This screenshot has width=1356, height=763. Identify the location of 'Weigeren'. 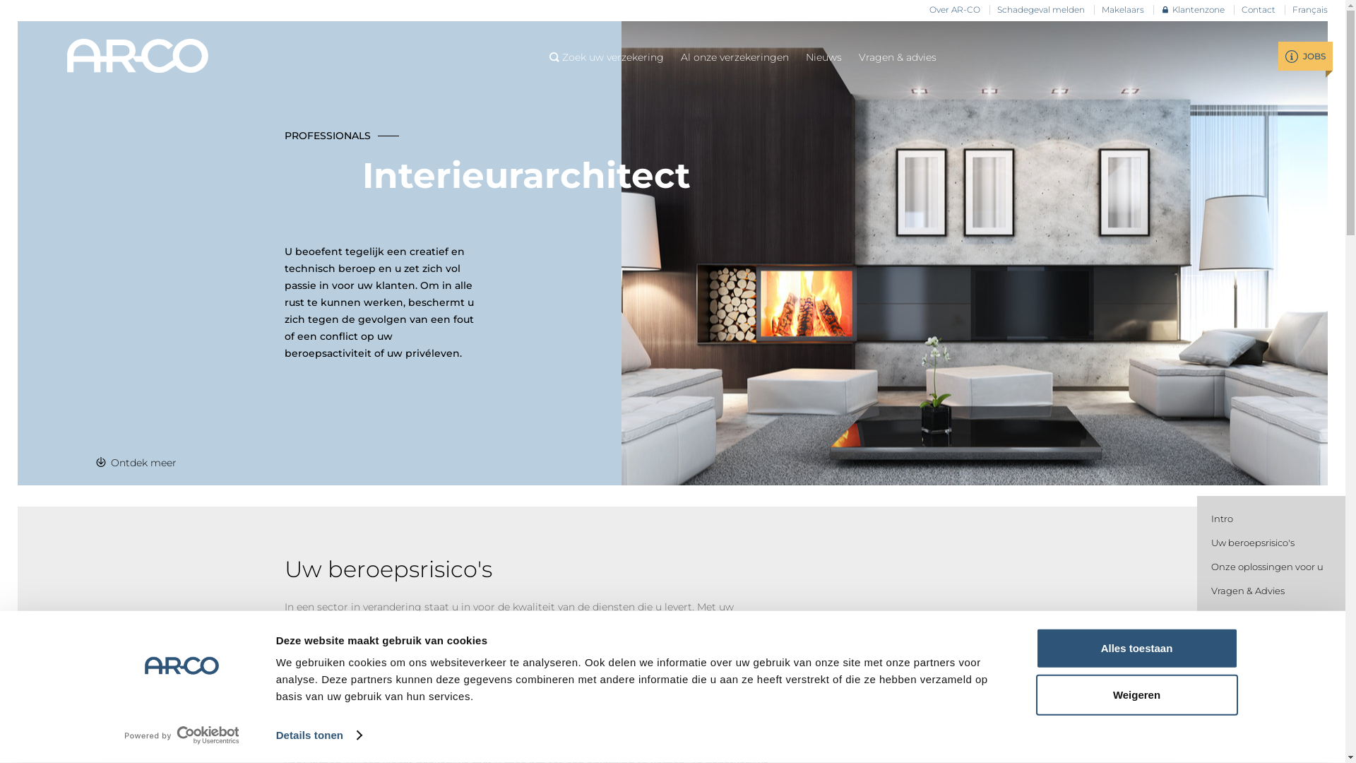
(1136, 694).